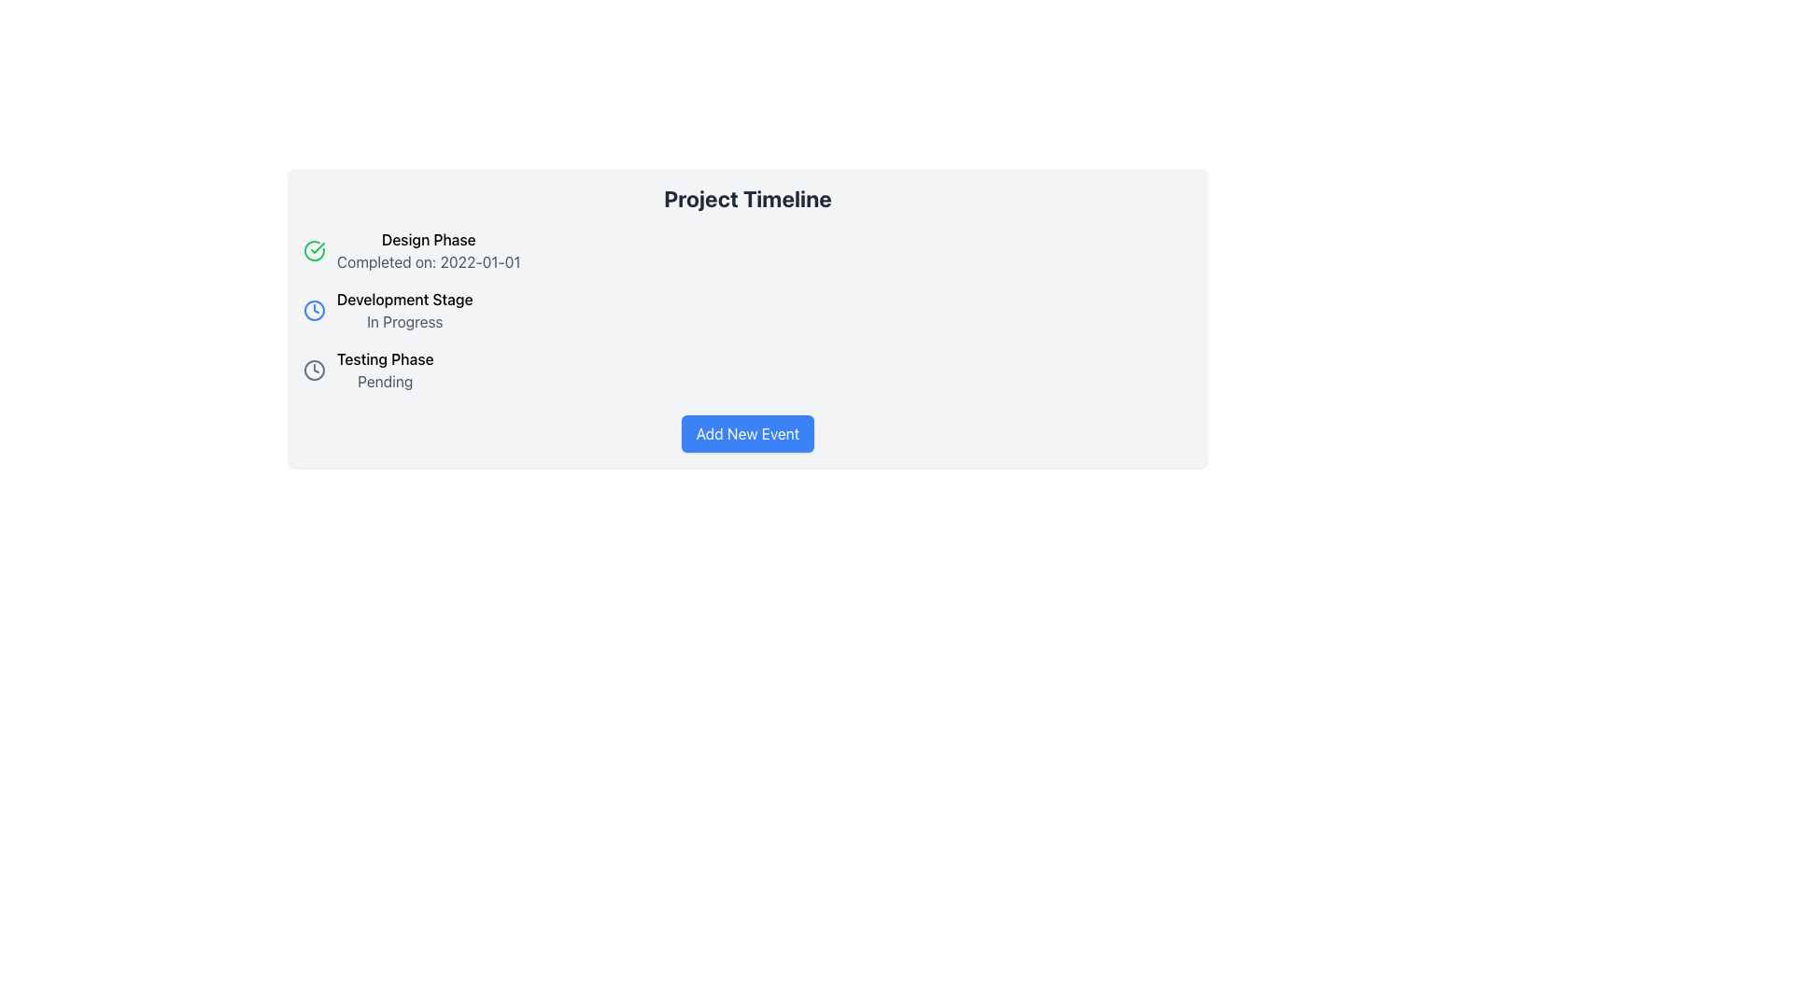 The image size is (1793, 1008). Describe the element at coordinates (384, 359) in the screenshot. I see `the text label displaying 'Testing Phase' in bold black font, located in the third row of the project timeline list` at that location.